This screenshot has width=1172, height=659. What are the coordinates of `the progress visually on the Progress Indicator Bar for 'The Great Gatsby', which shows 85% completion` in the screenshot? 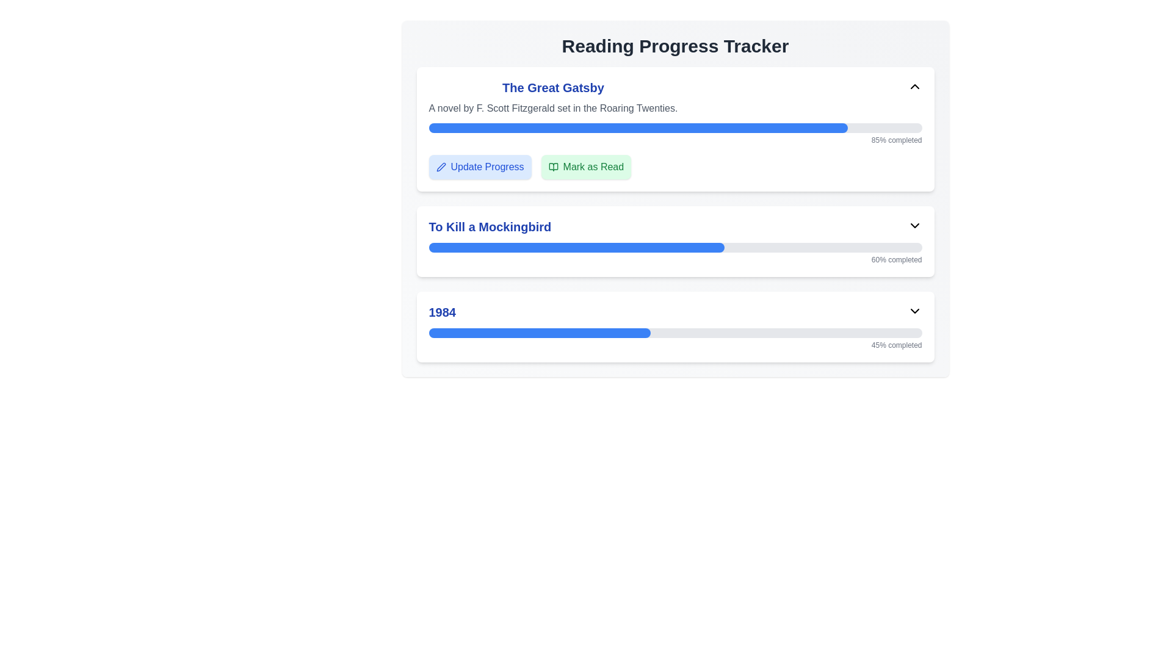 It's located at (637, 128).